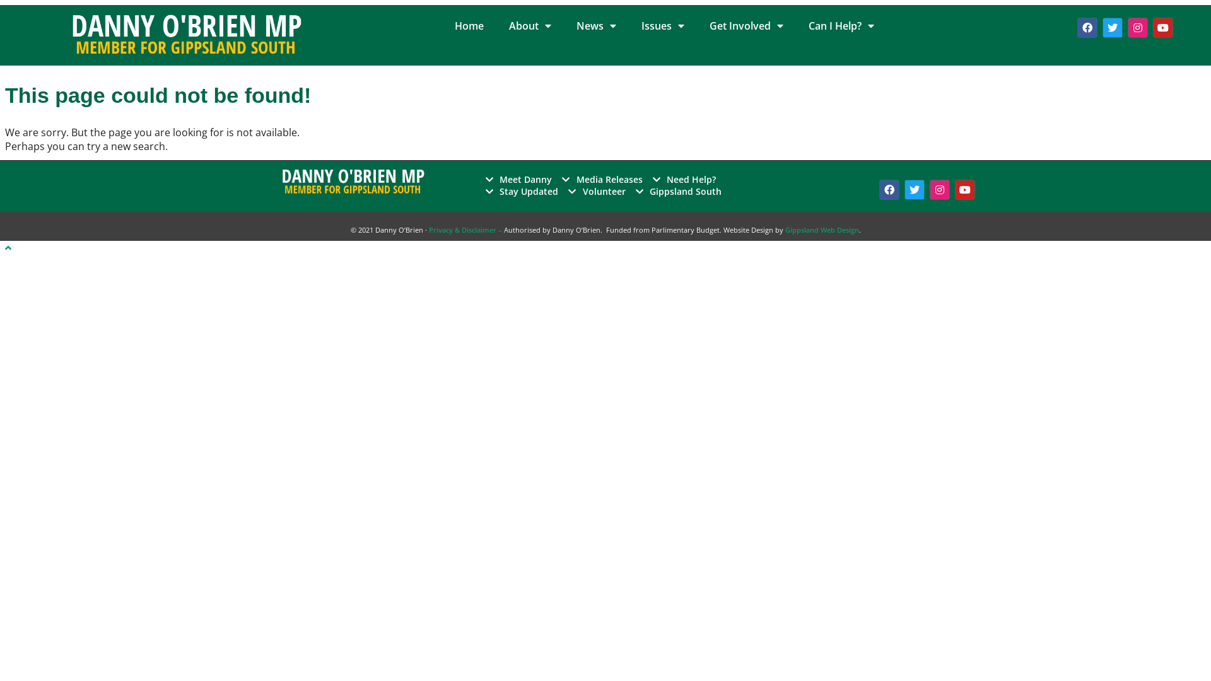 Image resolution: width=1211 pixels, height=681 pixels. What do you see at coordinates (684, 179) in the screenshot?
I see `'Need Help?'` at bounding box center [684, 179].